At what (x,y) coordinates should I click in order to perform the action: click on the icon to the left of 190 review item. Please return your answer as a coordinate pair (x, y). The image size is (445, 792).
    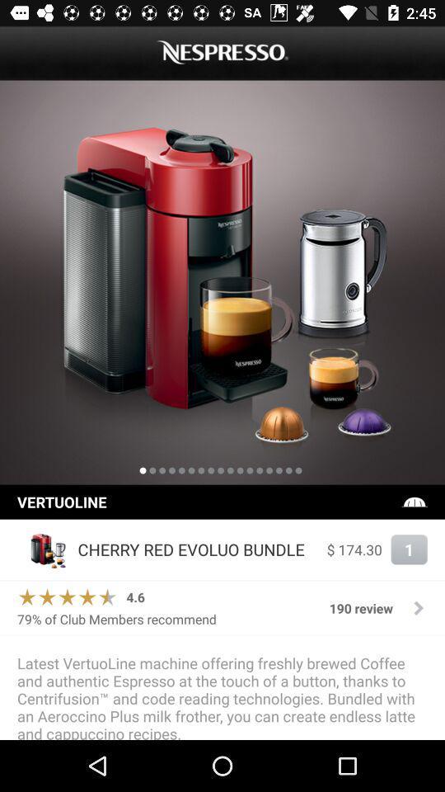
    Looking at the image, I should click on (115, 618).